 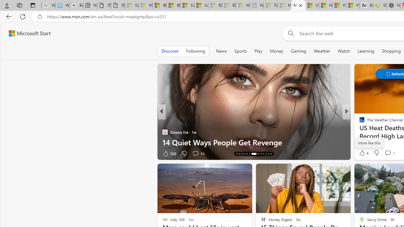 What do you see at coordinates (298, 51) in the screenshot?
I see `'Gaming'` at bounding box center [298, 51].